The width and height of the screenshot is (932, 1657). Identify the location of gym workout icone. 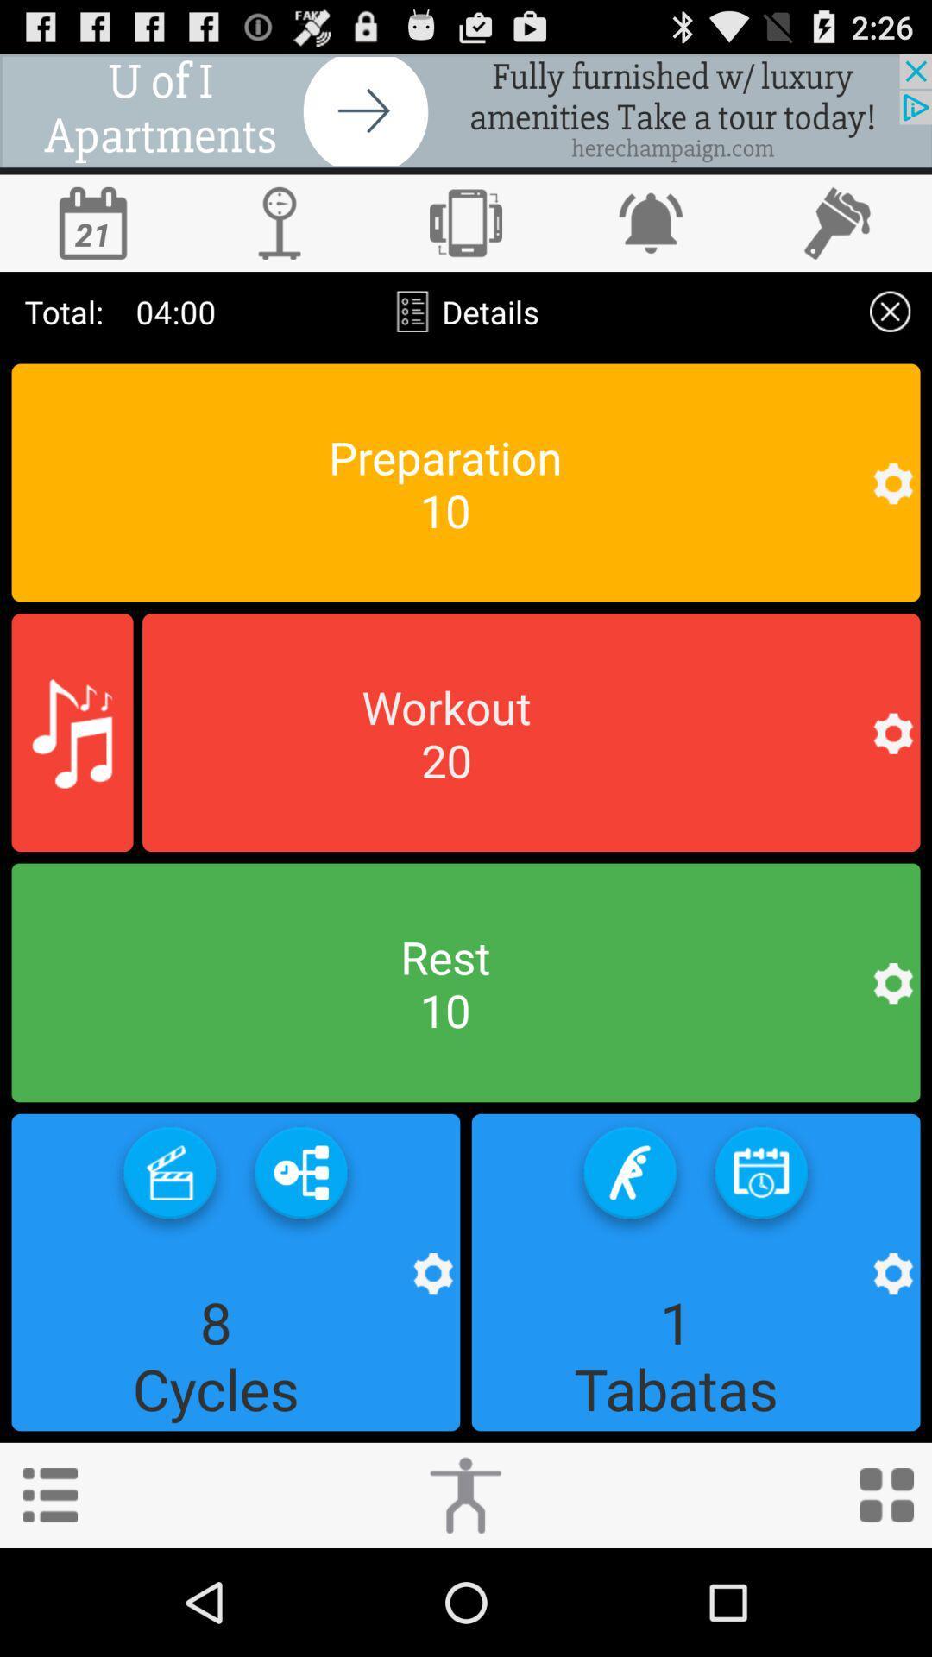
(530, 733).